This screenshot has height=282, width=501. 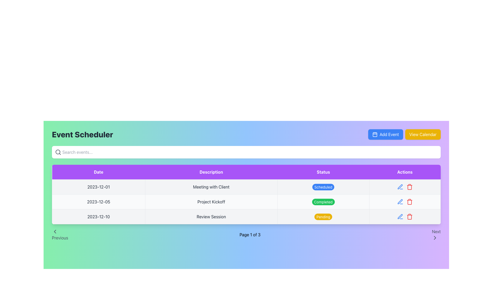 What do you see at coordinates (404, 201) in the screenshot?
I see `the red trash bin icon in the Actions column of the second row to initiate a deletion action for the 'Project Kickoff' event` at bounding box center [404, 201].